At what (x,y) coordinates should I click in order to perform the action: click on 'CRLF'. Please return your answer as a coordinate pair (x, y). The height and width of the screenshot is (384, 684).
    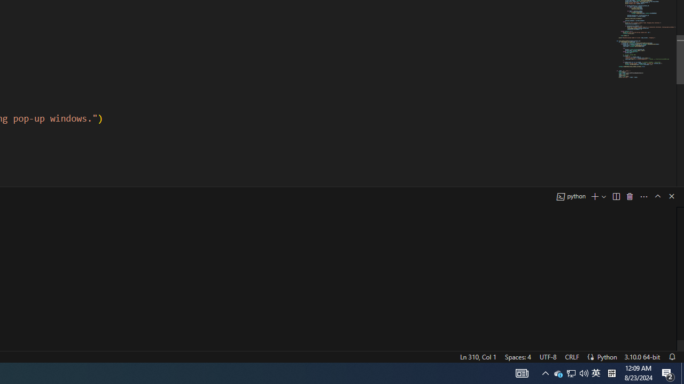
    Looking at the image, I should click on (571, 356).